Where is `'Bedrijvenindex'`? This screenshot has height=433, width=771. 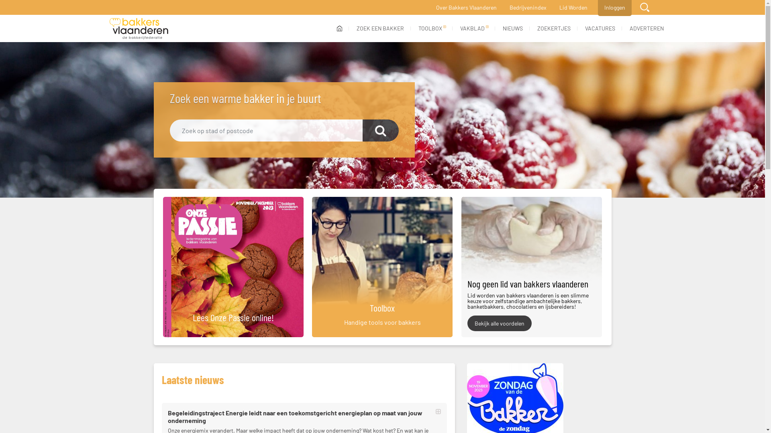 'Bedrijvenindex' is located at coordinates (528, 7).